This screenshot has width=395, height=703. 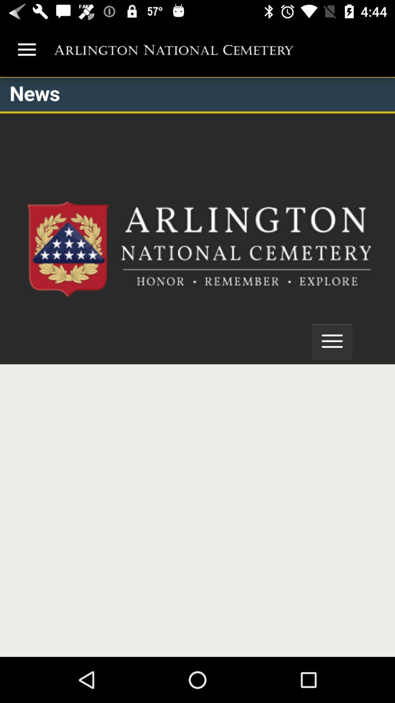 I want to click on arlington national cemetery mobile site, so click(x=197, y=367).